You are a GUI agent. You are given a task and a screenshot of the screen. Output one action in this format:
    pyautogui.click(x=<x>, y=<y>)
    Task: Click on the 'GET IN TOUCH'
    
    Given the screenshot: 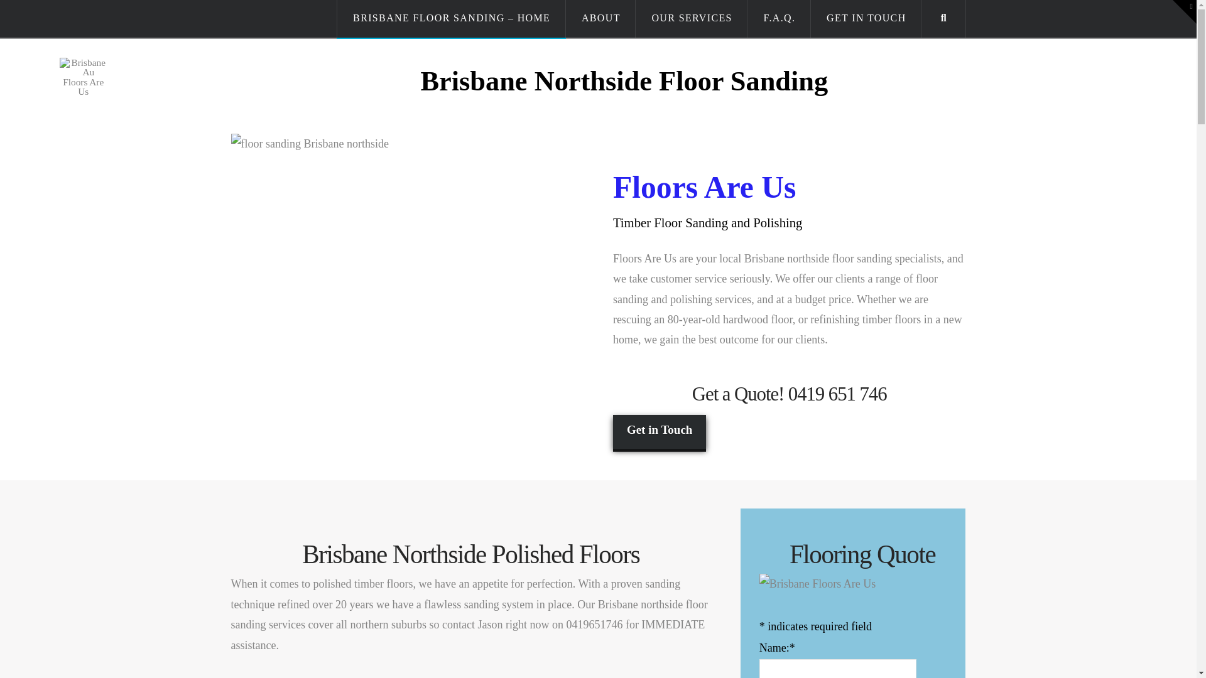 What is the action you would take?
    pyautogui.click(x=865, y=19)
    